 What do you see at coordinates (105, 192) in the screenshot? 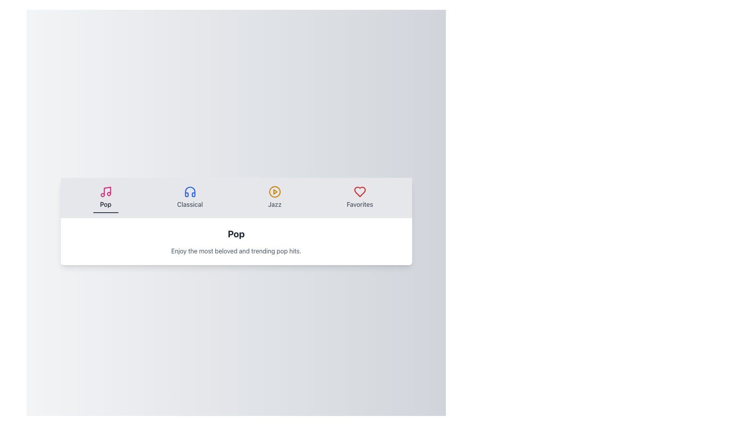
I see `the music notes icon in pink color located in the top center navigation bar, which is visually linked to the label 'Pop'` at bounding box center [105, 192].